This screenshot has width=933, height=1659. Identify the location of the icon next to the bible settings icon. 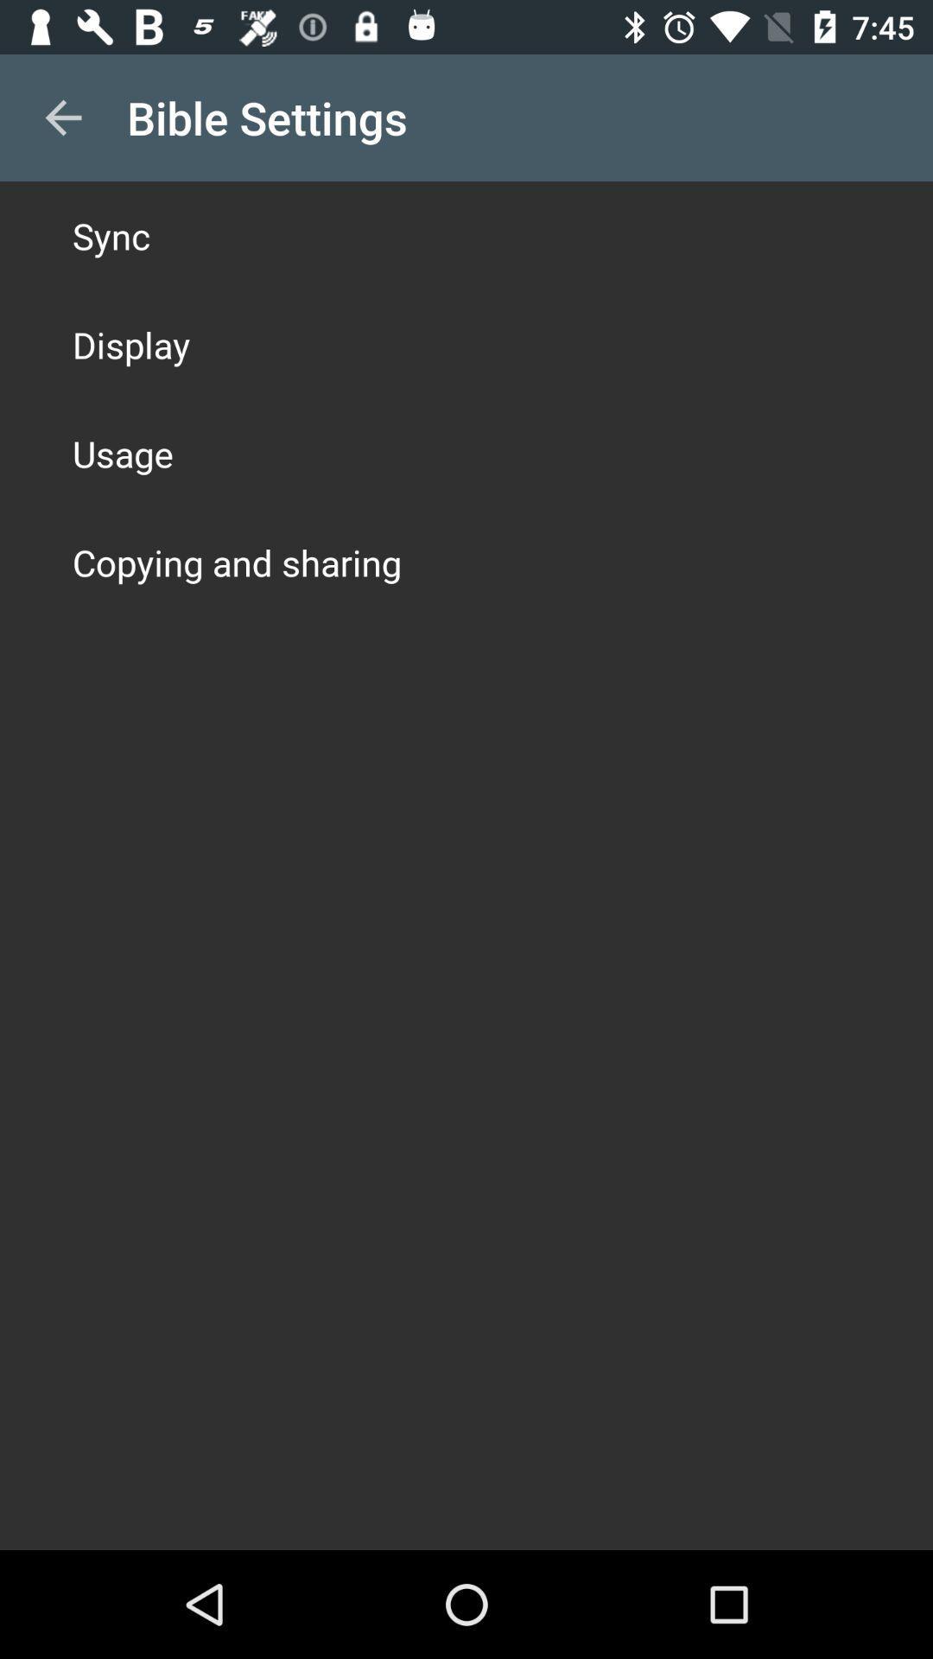
(62, 117).